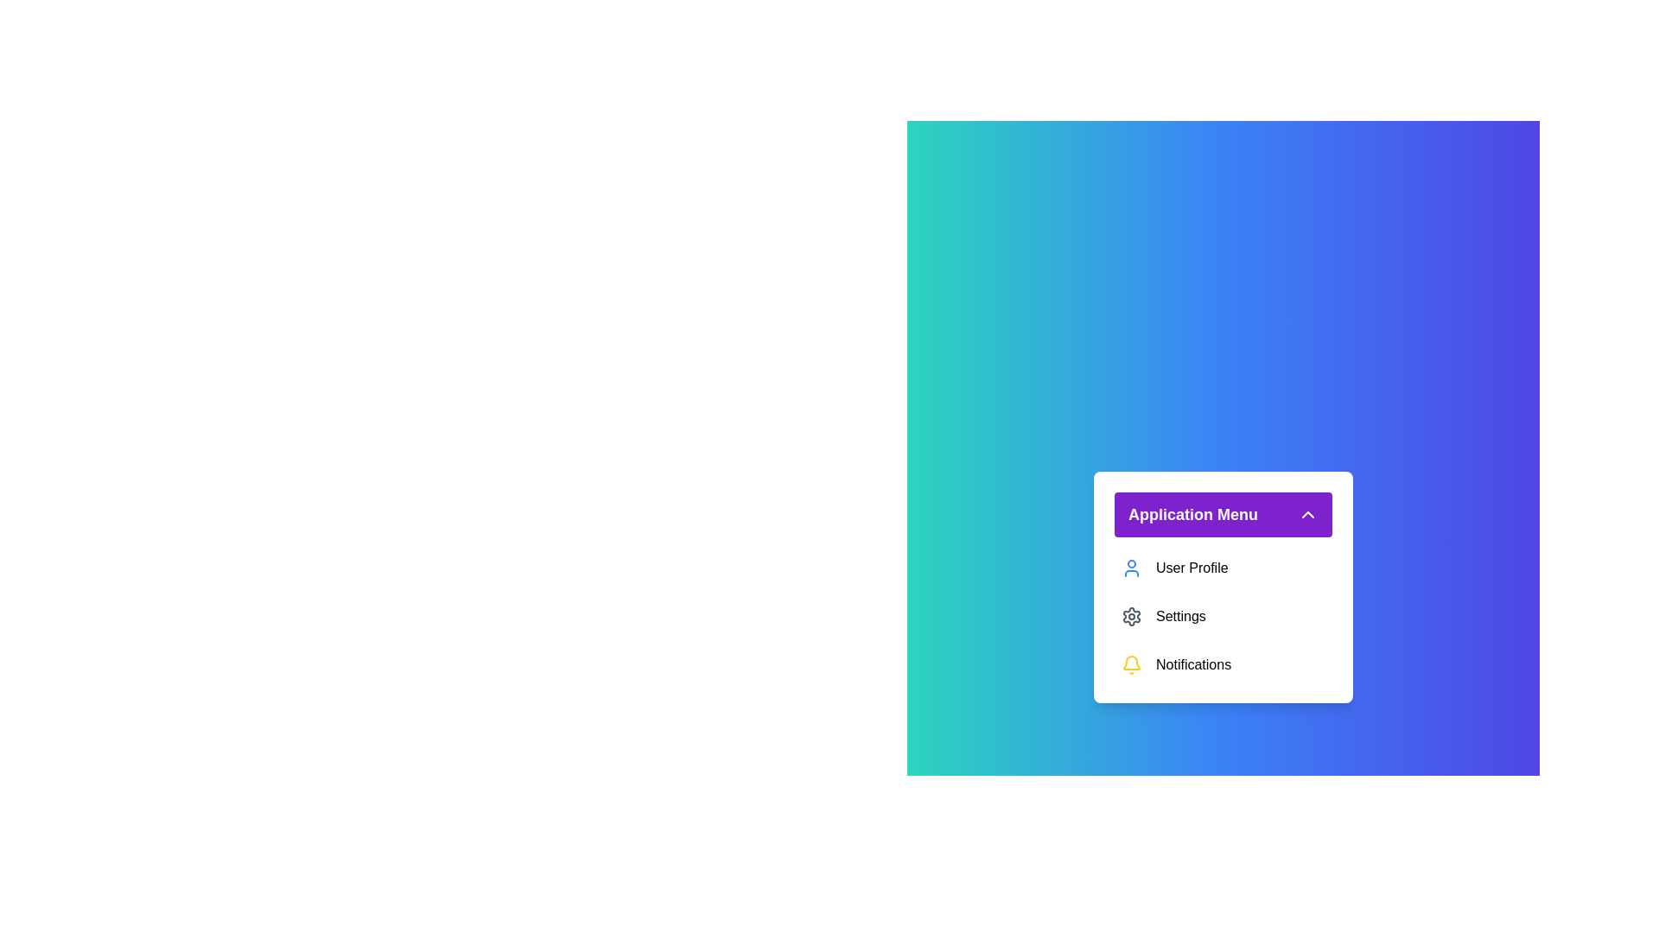 The height and width of the screenshot is (933, 1659). I want to click on the 'Notifications' item in the menu, so click(1223, 664).